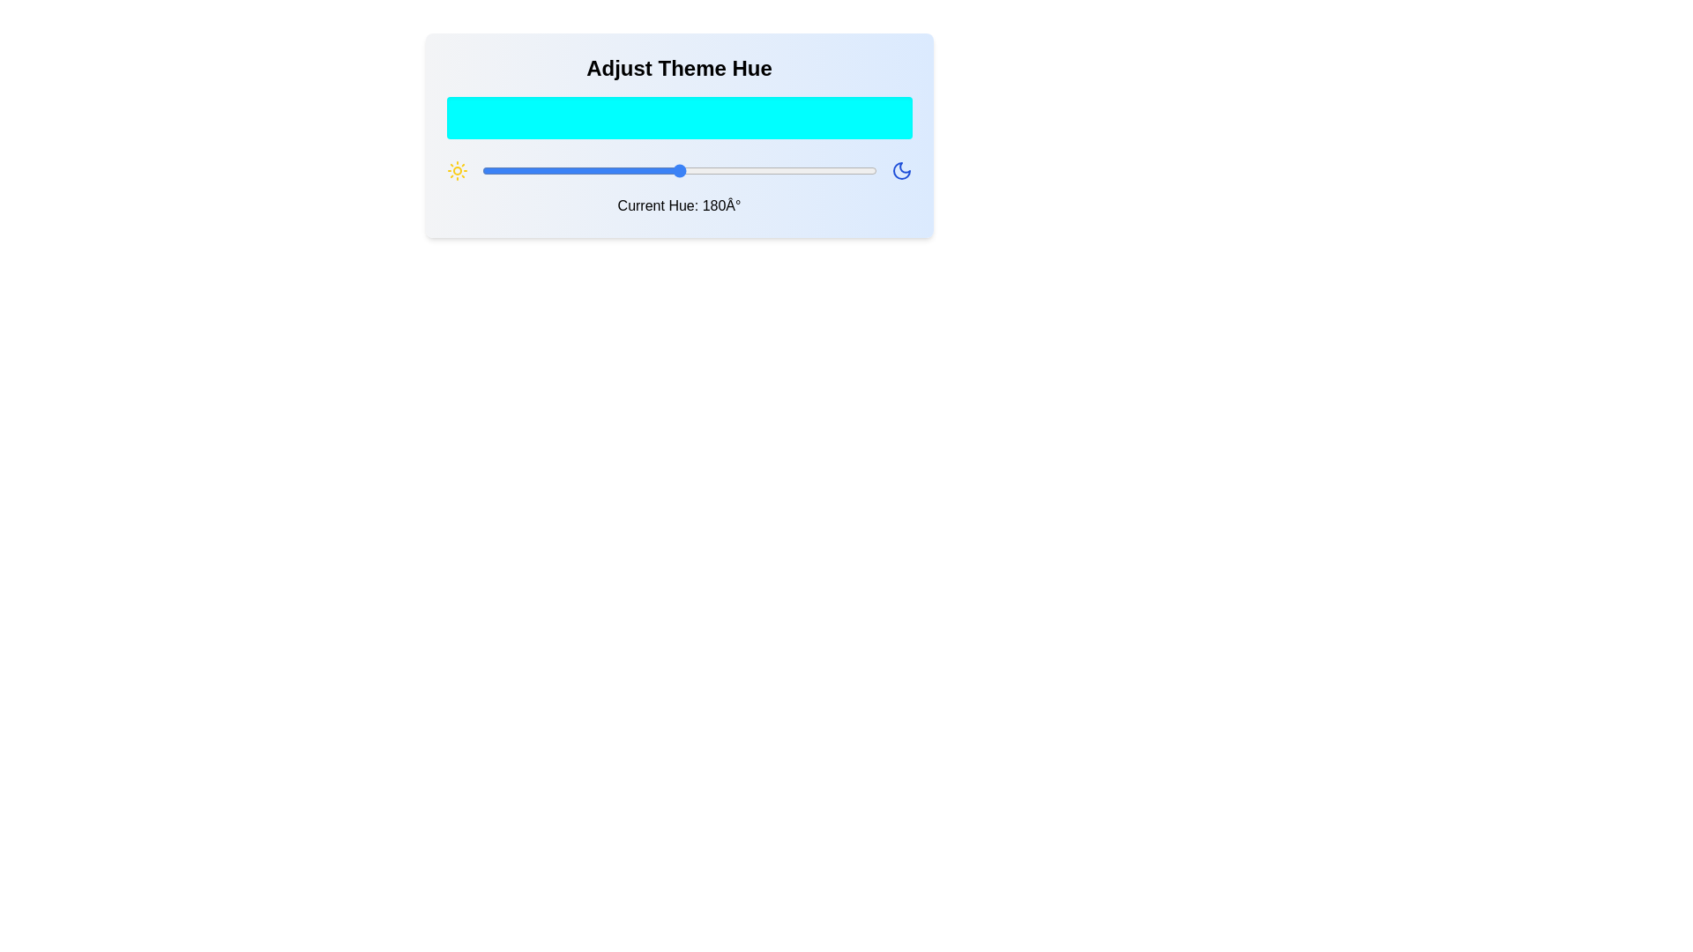 The width and height of the screenshot is (1693, 952). Describe the element at coordinates (457, 170) in the screenshot. I see `the sun icon to interact with it` at that location.